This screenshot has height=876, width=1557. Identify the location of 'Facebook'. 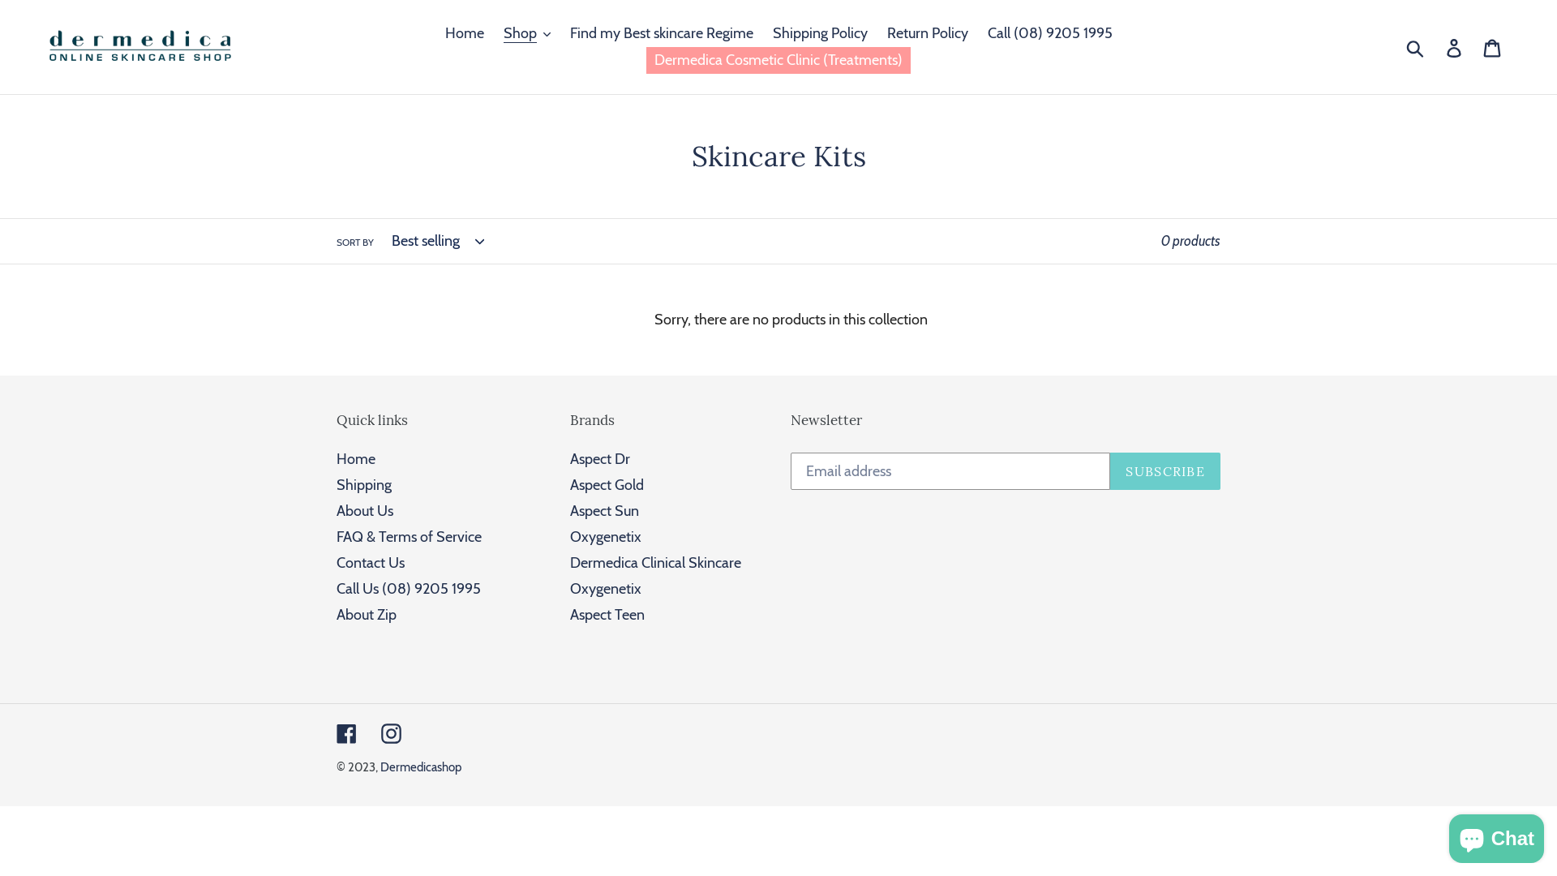
(345, 732).